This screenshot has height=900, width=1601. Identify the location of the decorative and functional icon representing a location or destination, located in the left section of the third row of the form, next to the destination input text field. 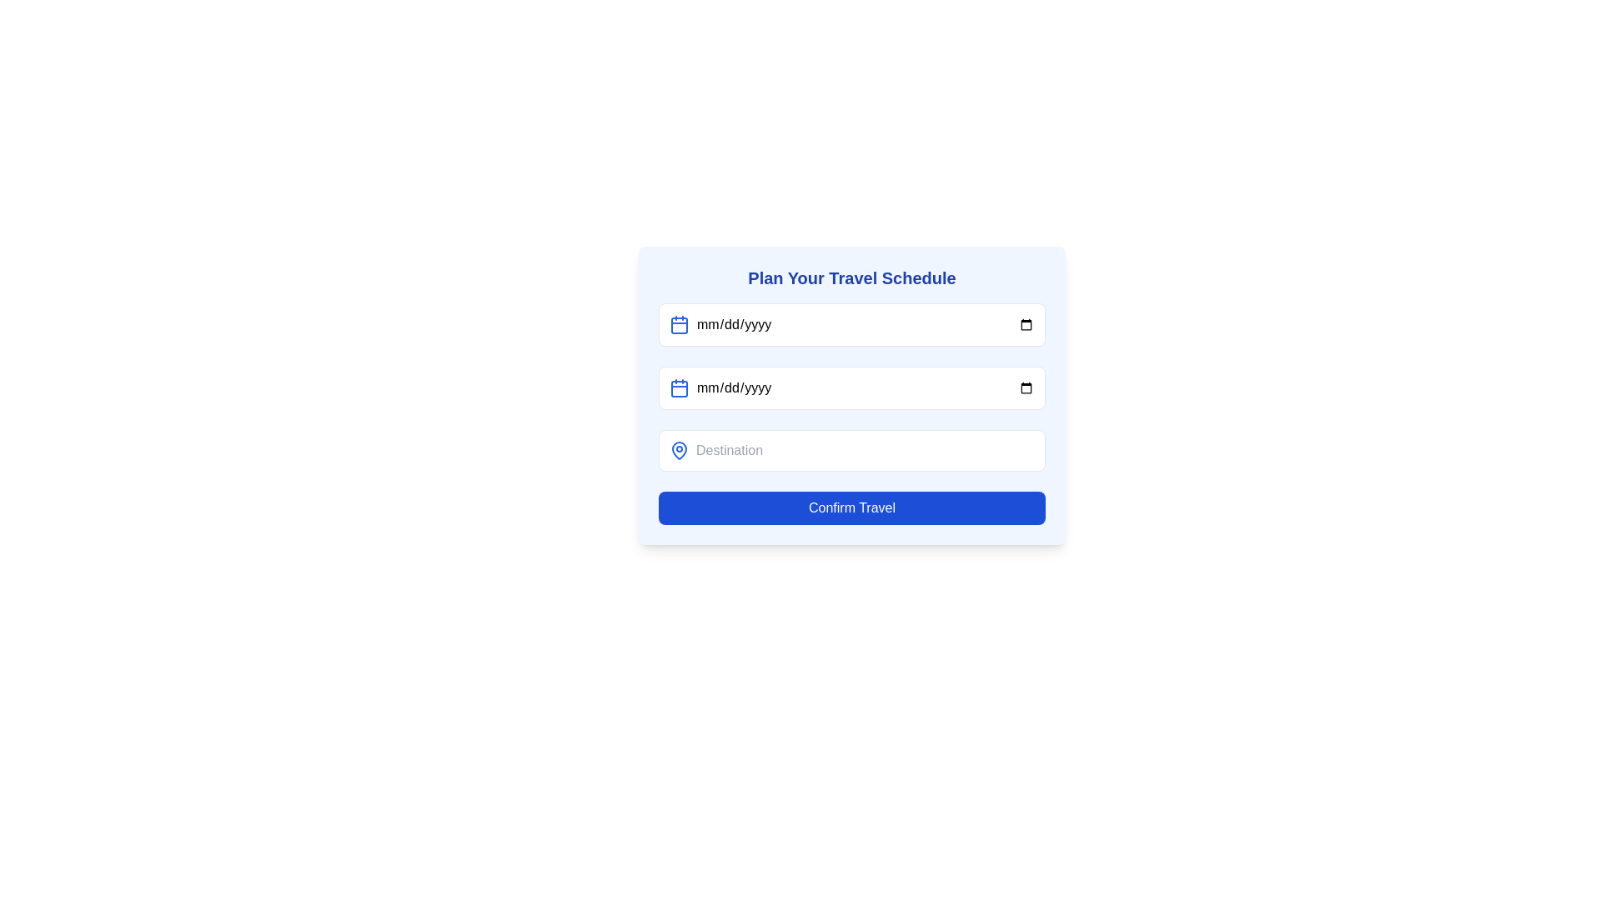
(680, 450).